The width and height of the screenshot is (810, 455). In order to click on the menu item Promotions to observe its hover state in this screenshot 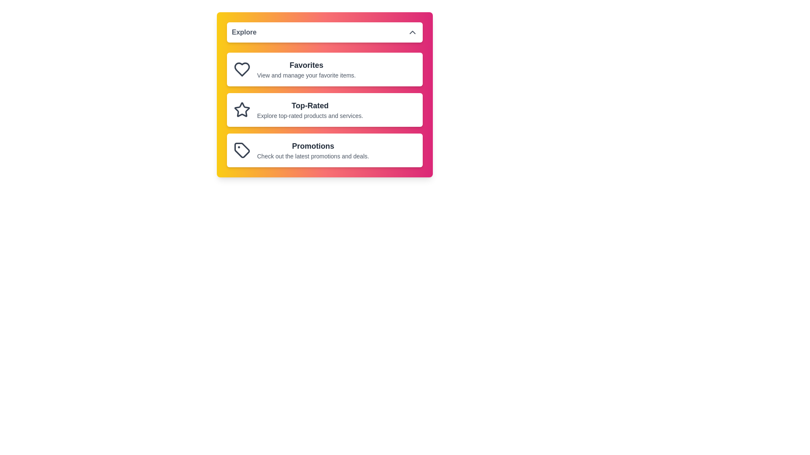, I will do `click(324, 150)`.